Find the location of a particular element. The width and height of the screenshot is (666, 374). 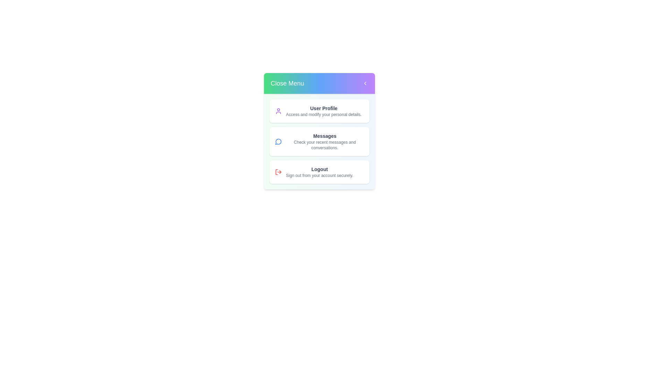

the menu option User Profile by clicking on it is located at coordinates (319, 110).